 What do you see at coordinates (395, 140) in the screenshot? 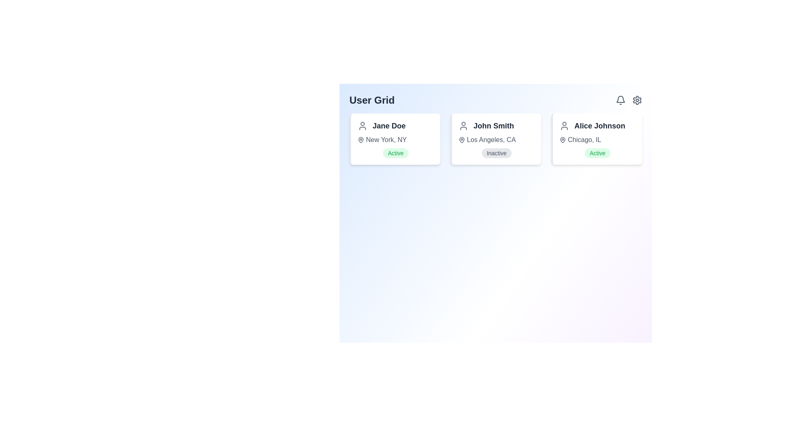
I see `location information displayed in the text label that shows 'New York, NY' in gray font, which is accompanied by a location pin icon, located below the name 'Jane Doe'` at bounding box center [395, 140].